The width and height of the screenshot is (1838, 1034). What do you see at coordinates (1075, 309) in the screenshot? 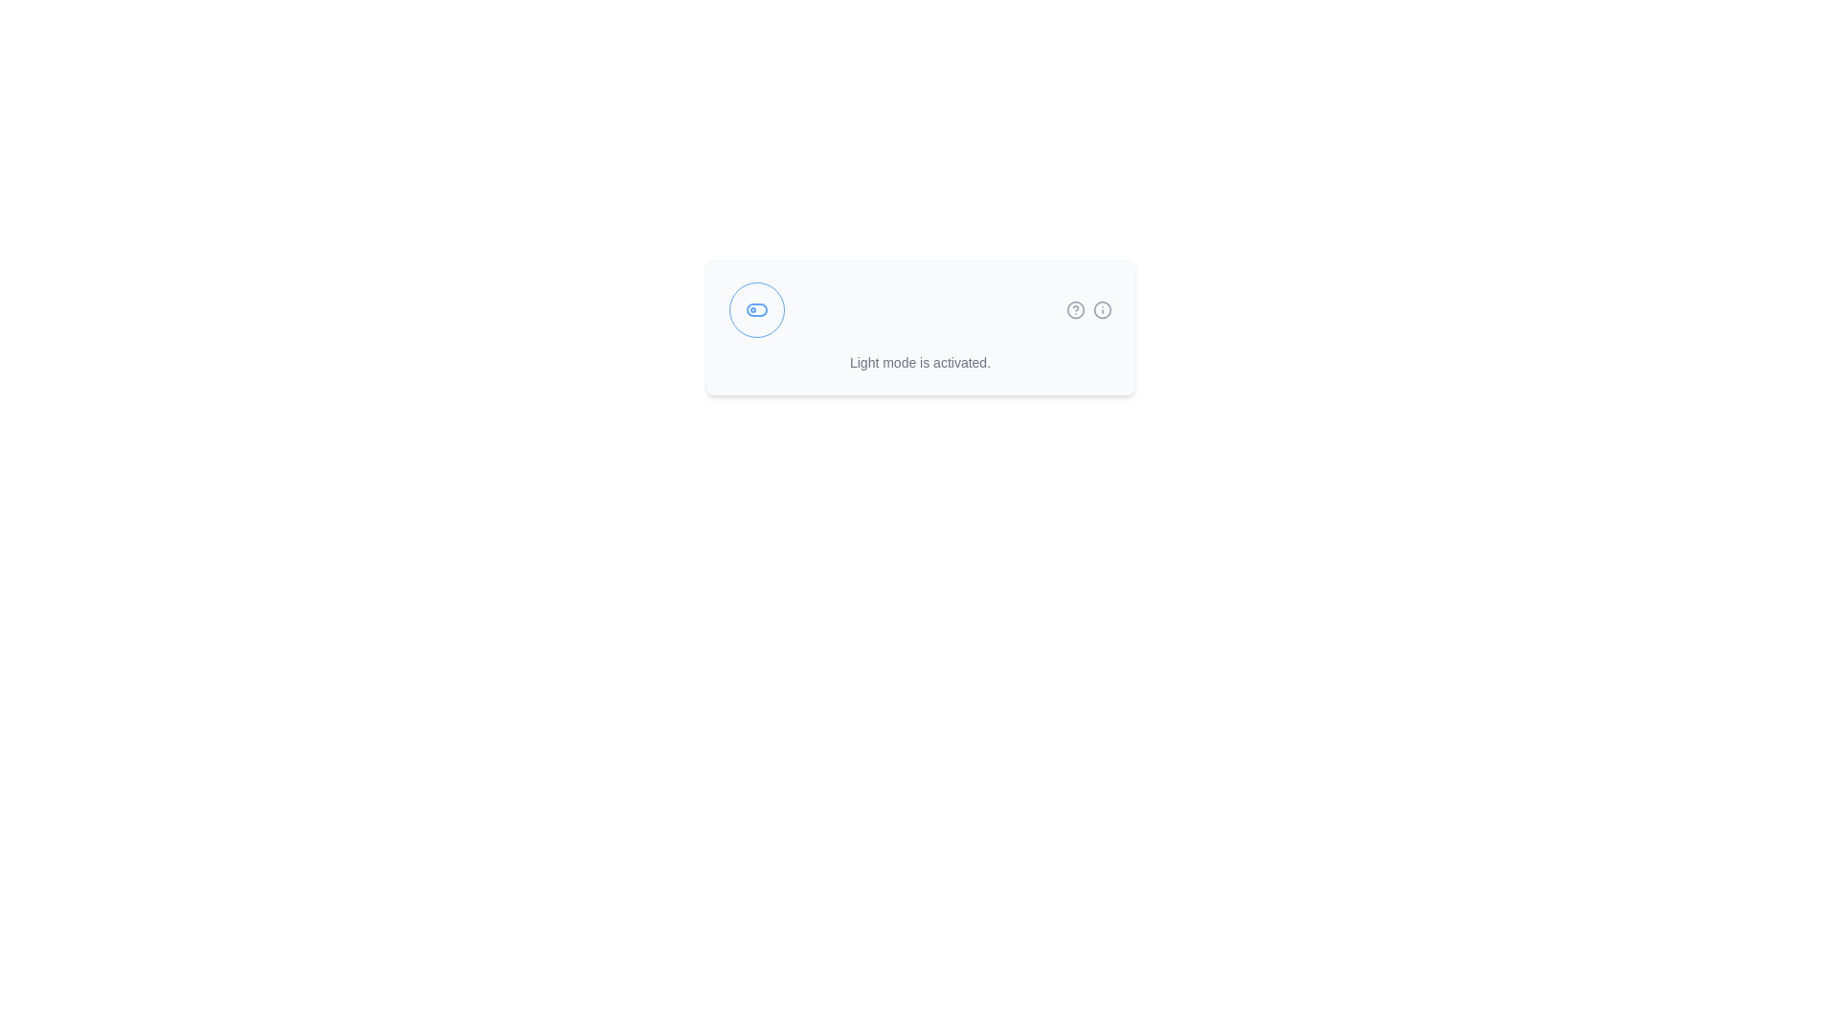
I see `the Help icon located to the left of the 'i' icon in the right section of the horizontal arrangement of icons, which provides additional context about the 'Light mode is activated.' notification` at bounding box center [1075, 309].